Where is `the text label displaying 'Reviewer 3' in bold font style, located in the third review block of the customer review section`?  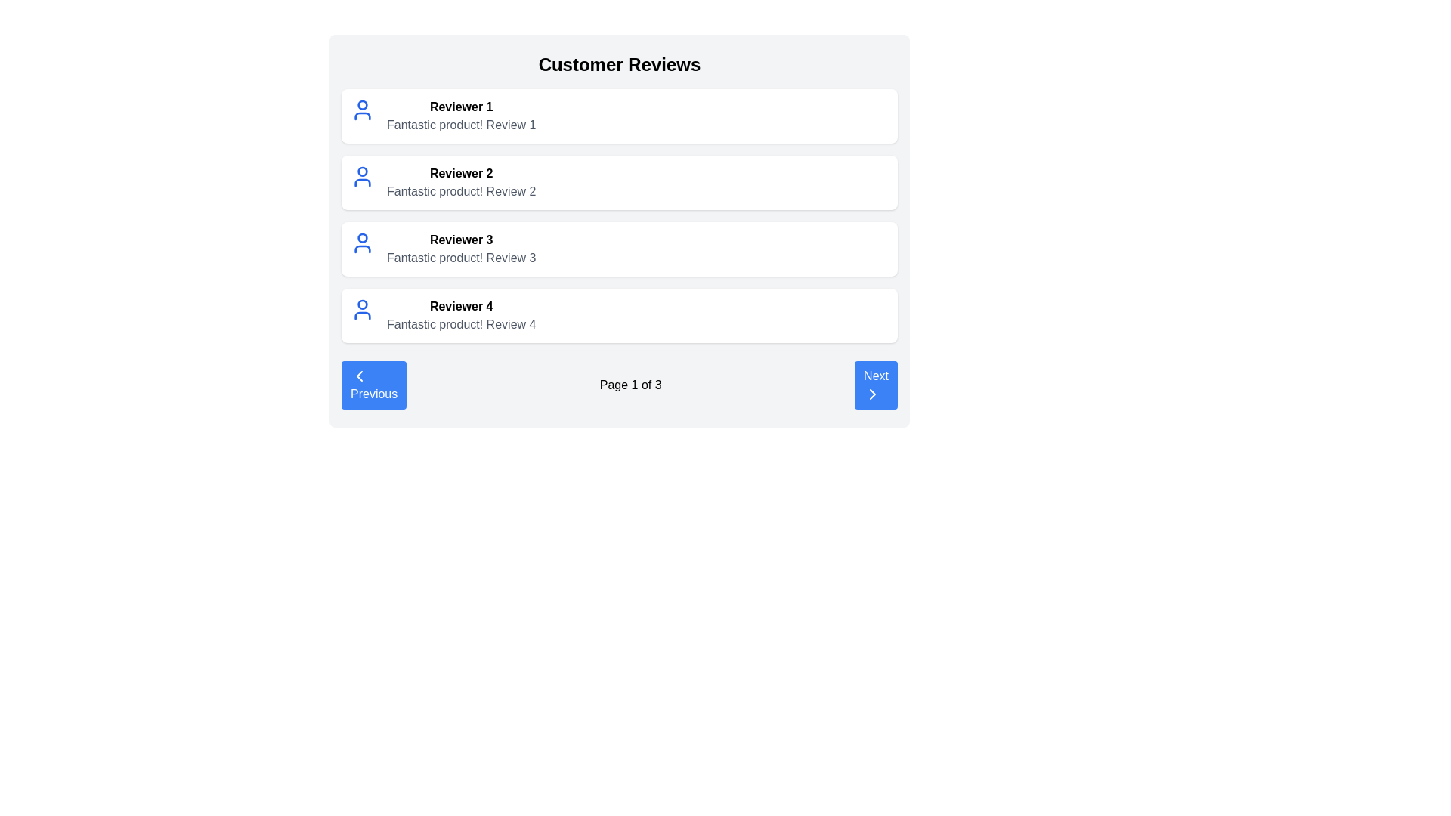
the text label displaying 'Reviewer 3' in bold font style, located in the third review block of the customer review section is located at coordinates (460, 239).